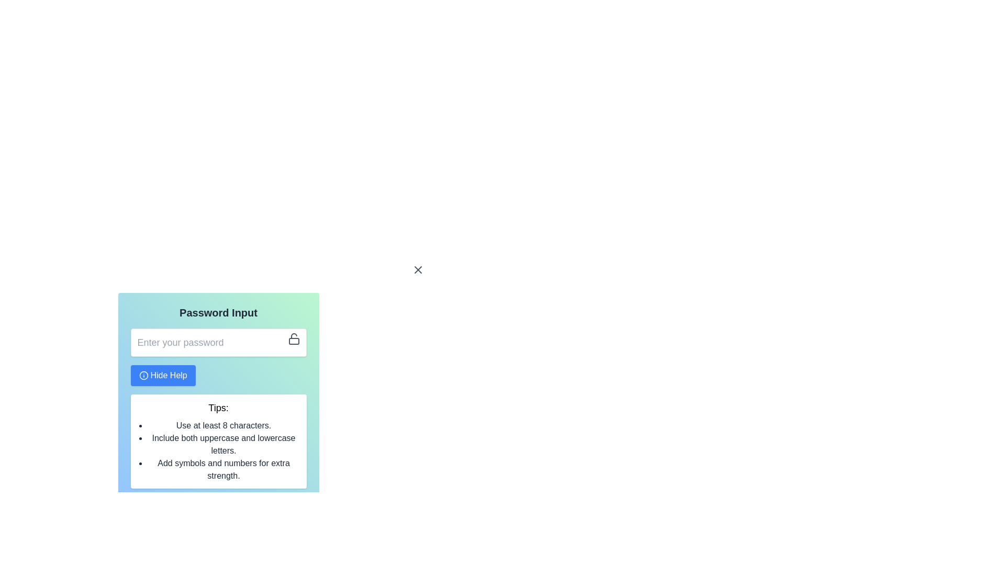  What do you see at coordinates (223, 444) in the screenshot?
I see `guideline text 'Include both uppercase and lowercase letters.' located in the bullet point list under the 'Tips' section of the 'Password Input' header` at bounding box center [223, 444].